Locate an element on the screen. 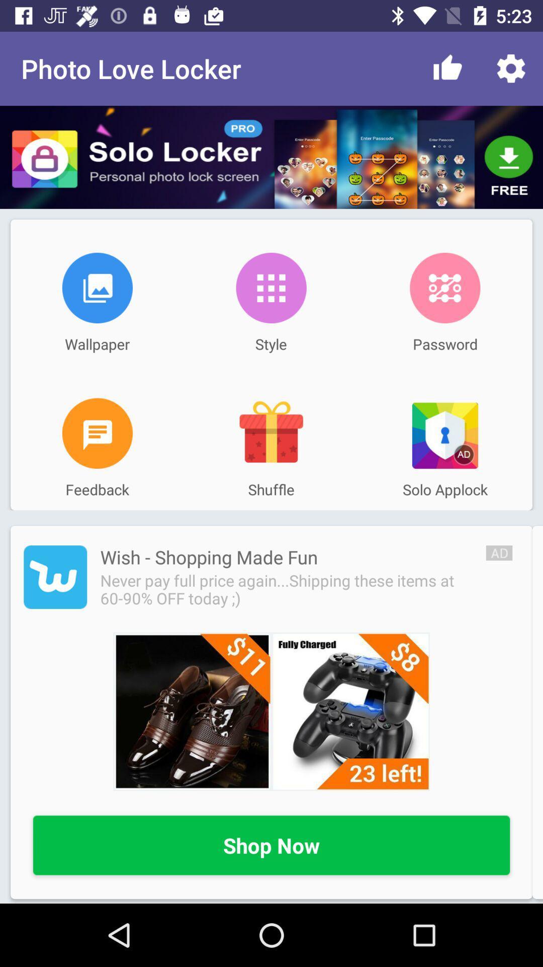  icon to the left of shuffle is located at coordinates (97, 433).